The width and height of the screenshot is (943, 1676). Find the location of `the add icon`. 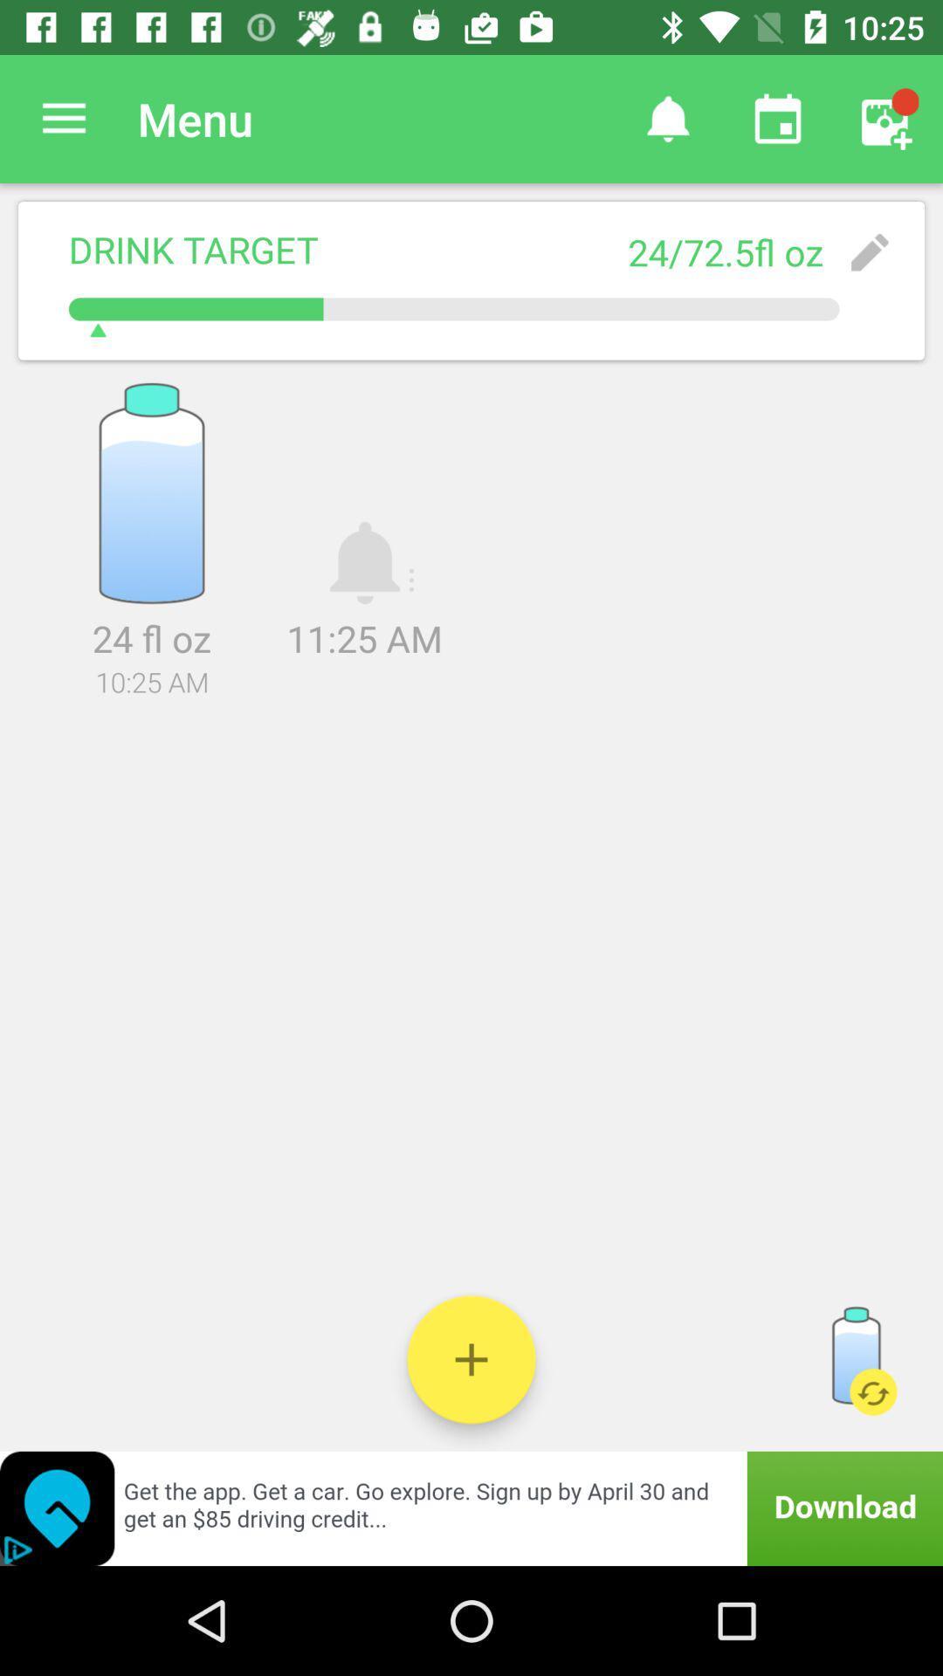

the add icon is located at coordinates (471, 1358).